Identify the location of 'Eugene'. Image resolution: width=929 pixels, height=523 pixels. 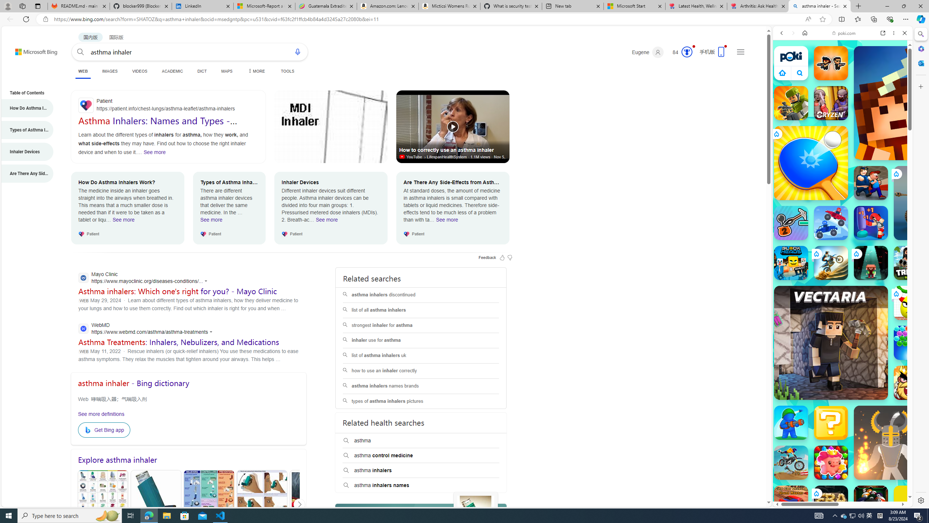
(648, 52).